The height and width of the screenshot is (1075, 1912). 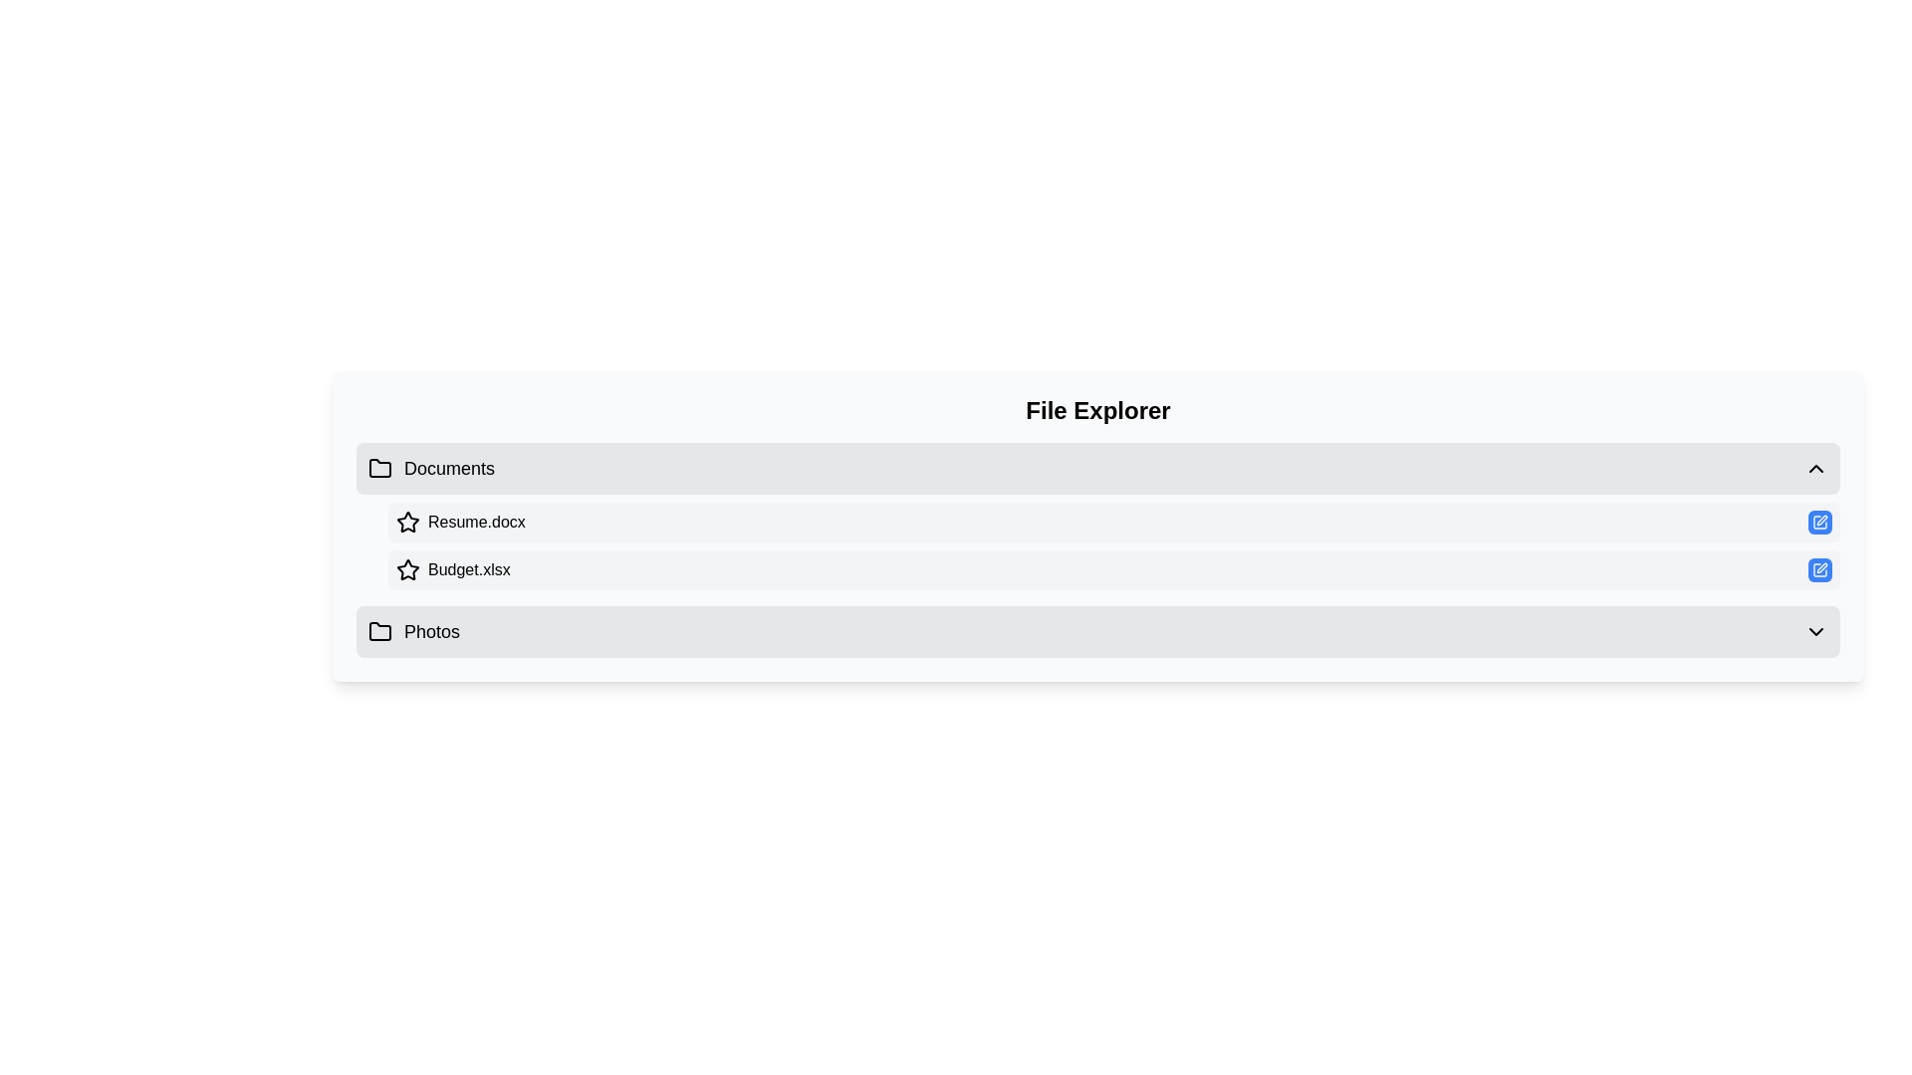 What do you see at coordinates (1820, 521) in the screenshot?
I see `the icon button styled as a pen with a blue background located in the rightmost section of the row for the file 'Budget.xlsx'` at bounding box center [1820, 521].